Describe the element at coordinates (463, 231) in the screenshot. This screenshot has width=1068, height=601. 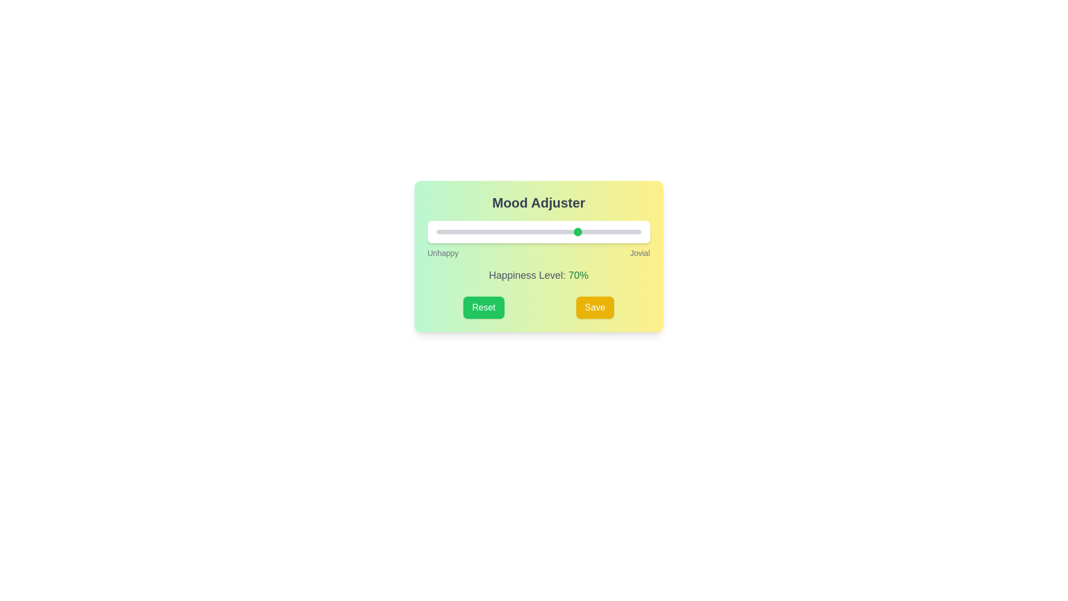
I see `the slider to set the happiness level to 13%` at that location.